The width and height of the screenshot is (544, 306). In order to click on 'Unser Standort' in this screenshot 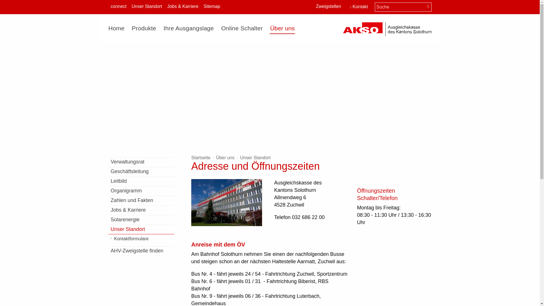, I will do `click(147, 7)`.